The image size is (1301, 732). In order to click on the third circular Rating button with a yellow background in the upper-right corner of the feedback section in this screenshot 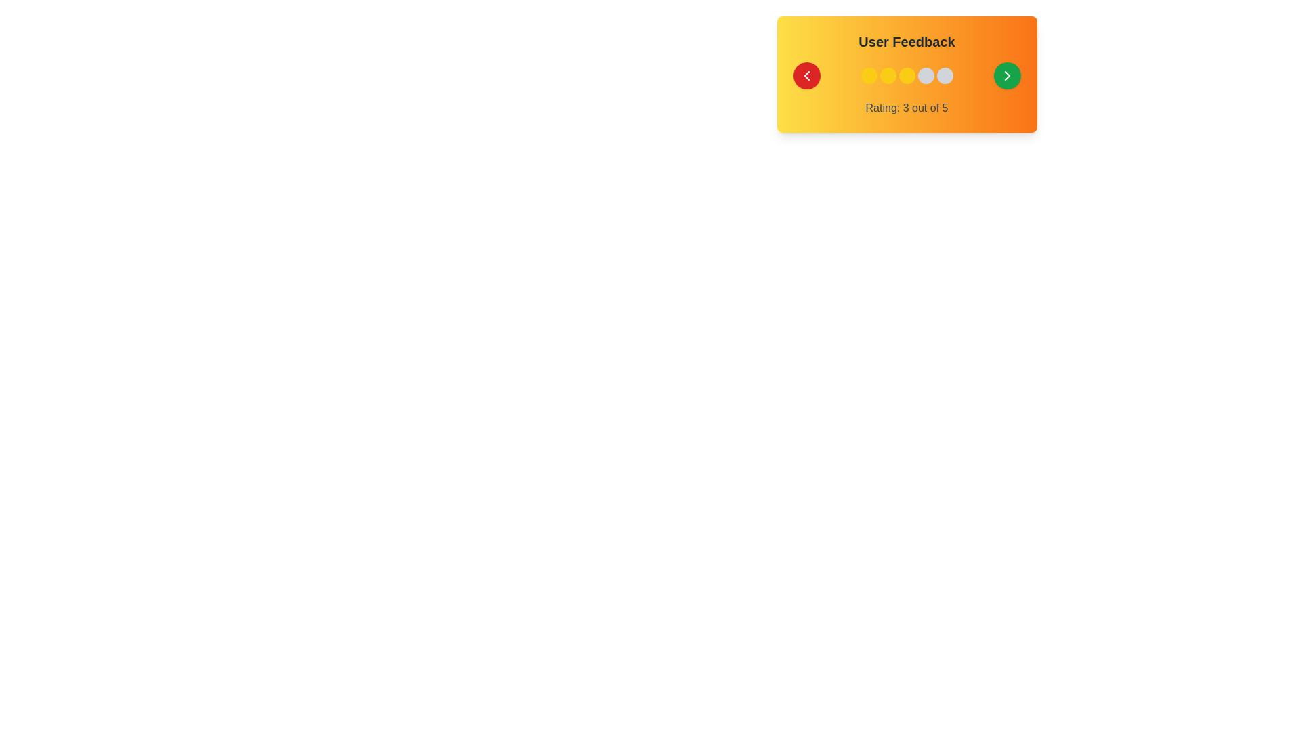, I will do `click(907, 75)`.